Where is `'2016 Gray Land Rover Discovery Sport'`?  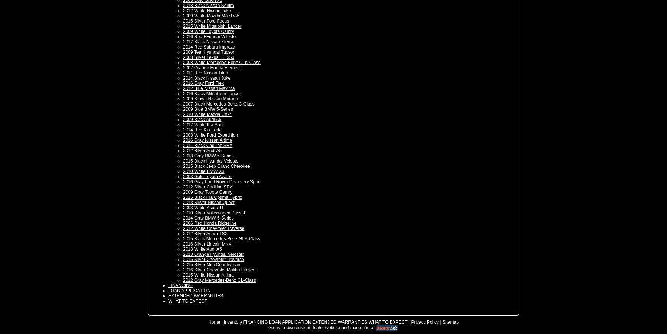
'2016 Gray Land Rover Discovery Sport' is located at coordinates (182, 181).